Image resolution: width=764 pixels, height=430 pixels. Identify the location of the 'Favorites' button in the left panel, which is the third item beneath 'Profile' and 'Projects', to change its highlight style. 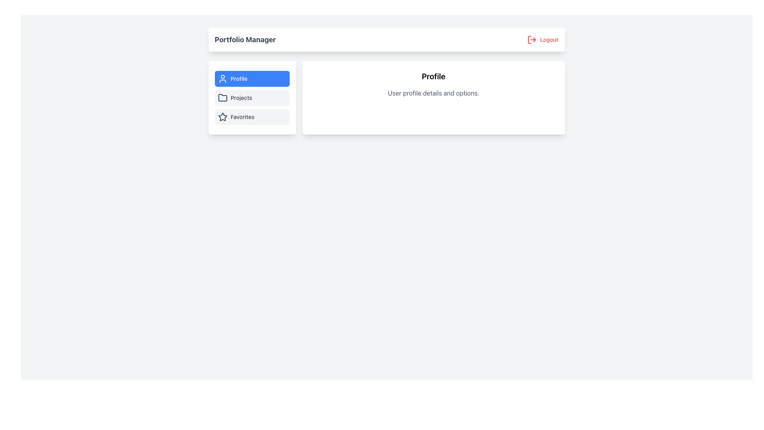
(251, 117).